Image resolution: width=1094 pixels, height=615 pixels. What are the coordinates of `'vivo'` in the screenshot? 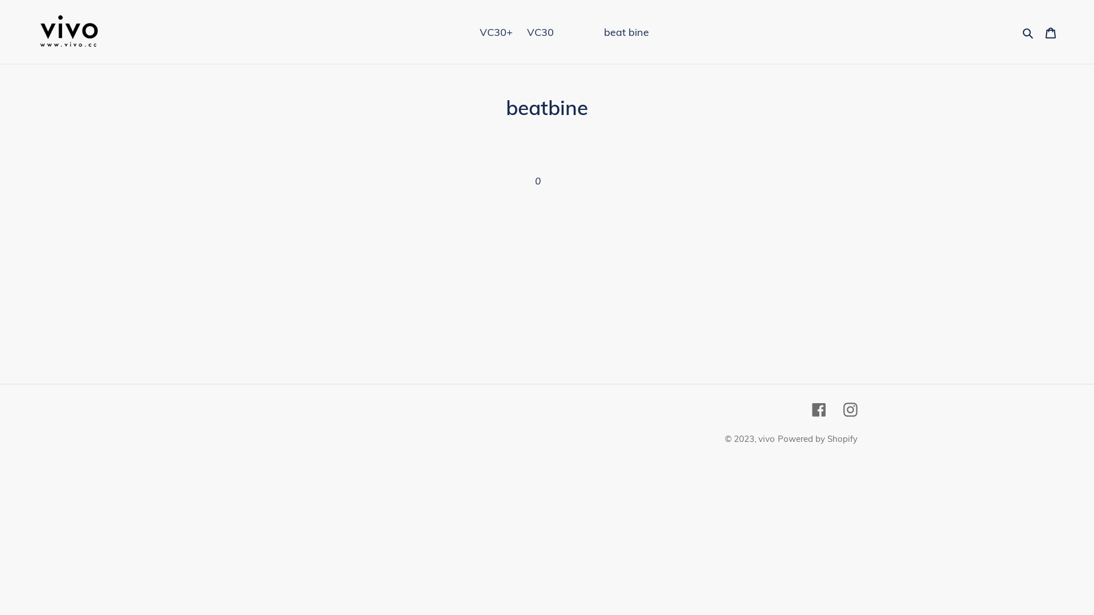 It's located at (758, 438).